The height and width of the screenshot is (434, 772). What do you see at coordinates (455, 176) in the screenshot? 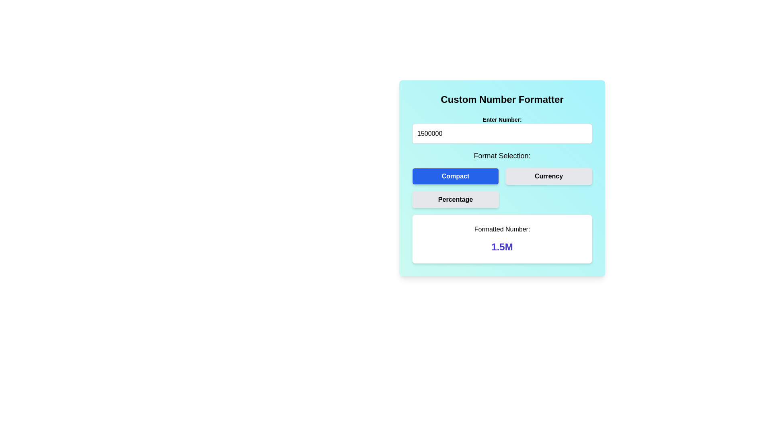
I see `the 'Compact' format selection button located within the 'Format Selection' section to apply the compact number format` at bounding box center [455, 176].